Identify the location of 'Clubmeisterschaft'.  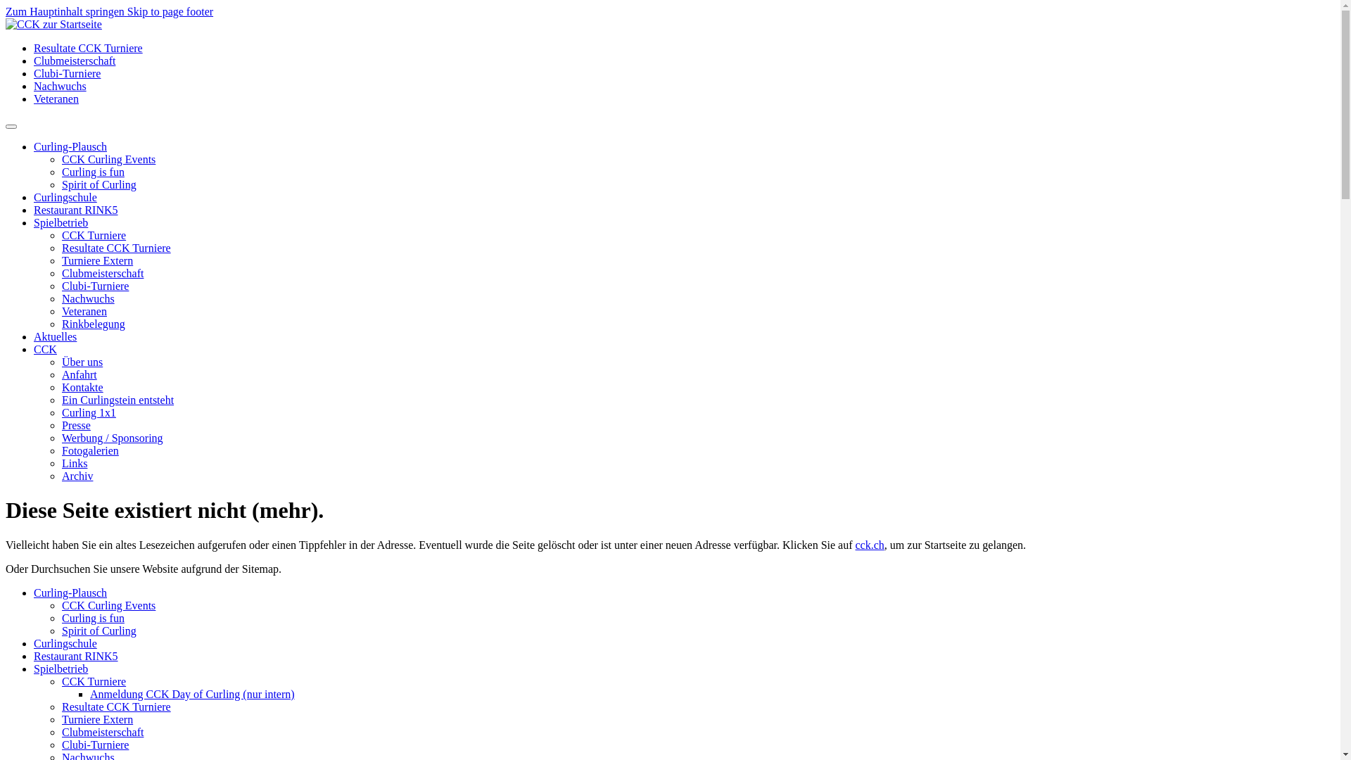
(101, 731).